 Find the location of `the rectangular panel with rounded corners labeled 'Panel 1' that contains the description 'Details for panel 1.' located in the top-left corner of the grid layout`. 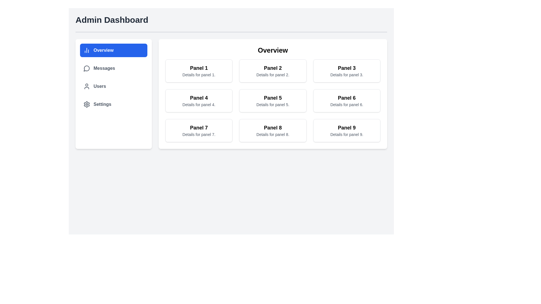

the rectangular panel with rounded corners labeled 'Panel 1' that contains the description 'Details for panel 1.' located in the top-left corner of the grid layout is located at coordinates (199, 70).